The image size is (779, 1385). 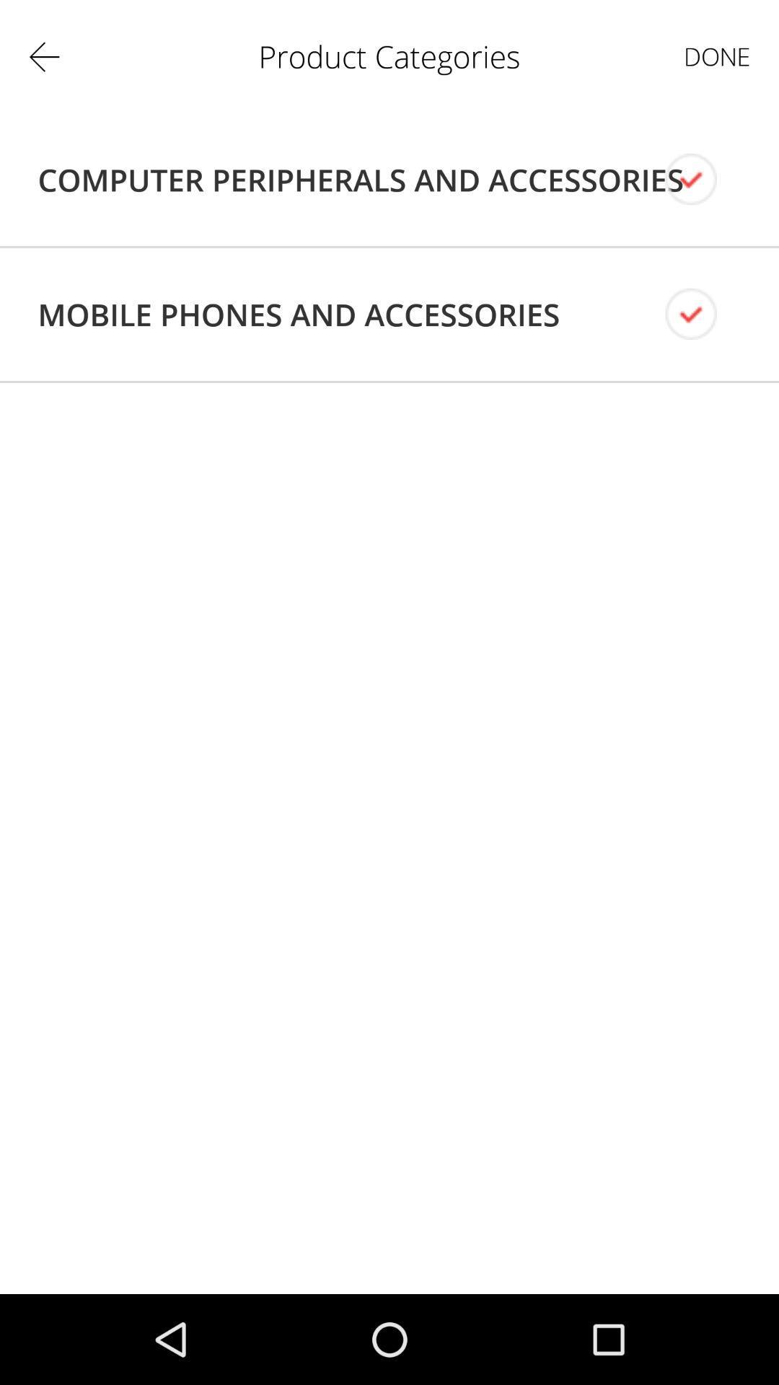 I want to click on app to the left of the done app, so click(x=360, y=179).